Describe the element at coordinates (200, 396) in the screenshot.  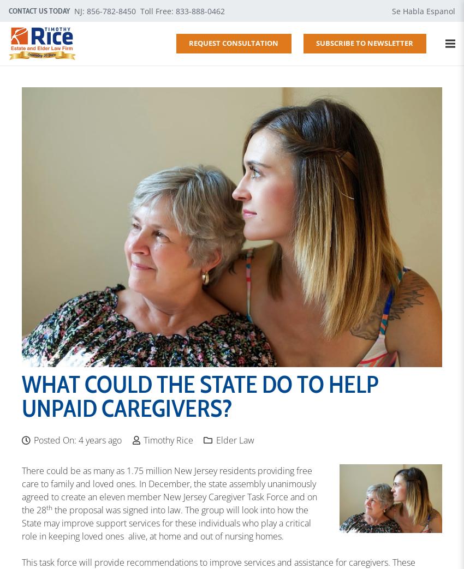
I see `'What Could the State Do to Help Unpaid Caregivers?'` at that location.